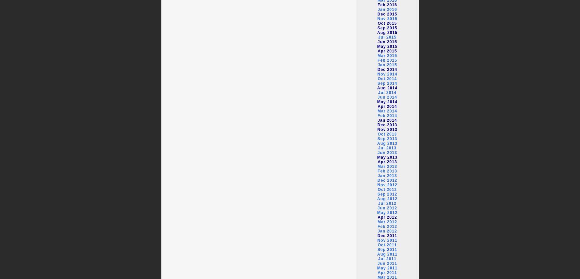  What do you see at coordinates (377, 32) in the screenshot?
I see `'Aug 2015'` at bounding box center [377, 32].